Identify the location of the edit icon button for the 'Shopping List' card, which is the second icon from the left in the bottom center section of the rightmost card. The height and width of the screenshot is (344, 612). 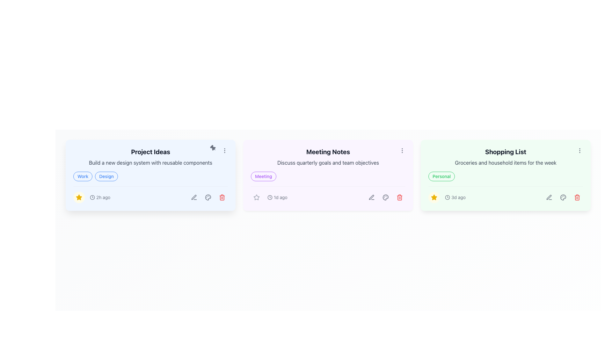
(549, 197).